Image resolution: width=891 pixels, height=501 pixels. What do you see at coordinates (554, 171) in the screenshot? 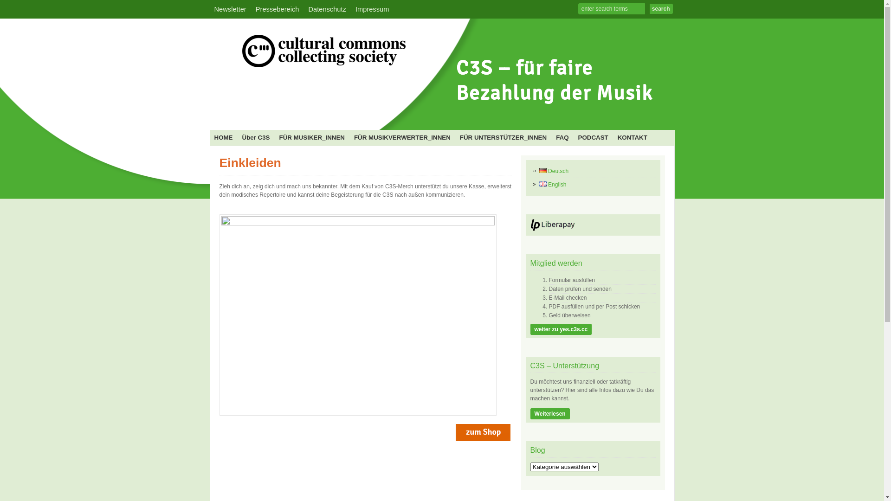
I see `'Deutsch'` at bounding box center [554, 171].